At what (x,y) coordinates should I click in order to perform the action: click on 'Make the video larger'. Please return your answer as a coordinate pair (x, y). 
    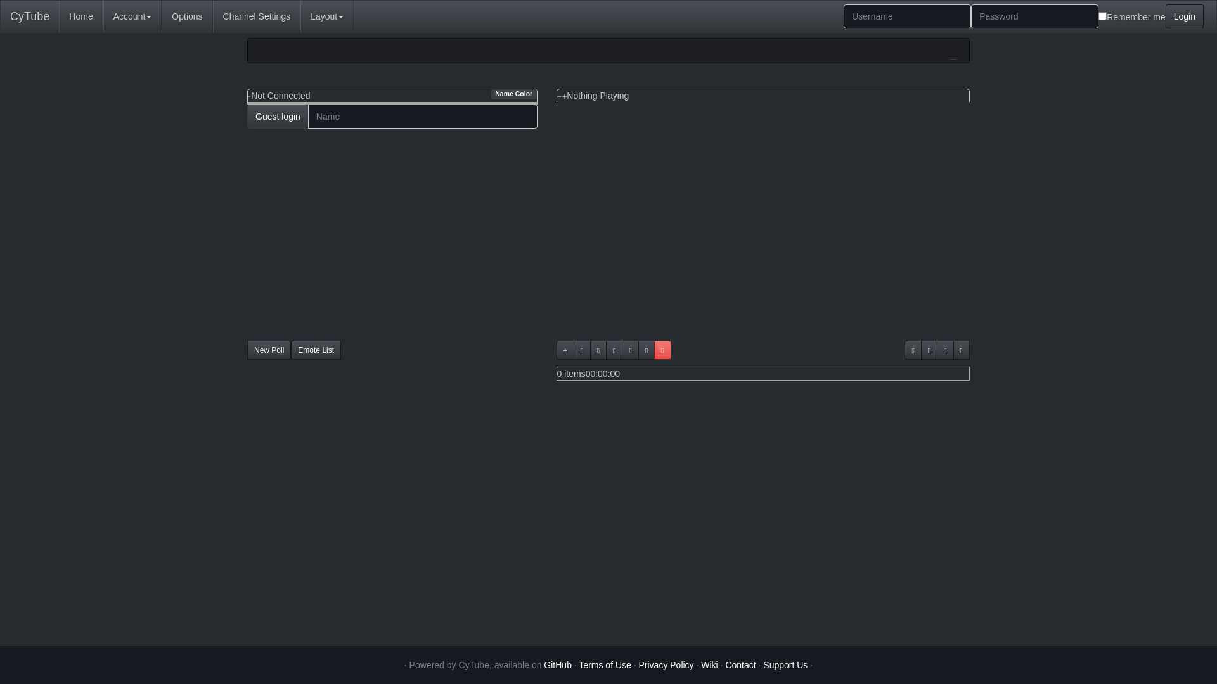
    Looking at the image, I should click on (561, 96).